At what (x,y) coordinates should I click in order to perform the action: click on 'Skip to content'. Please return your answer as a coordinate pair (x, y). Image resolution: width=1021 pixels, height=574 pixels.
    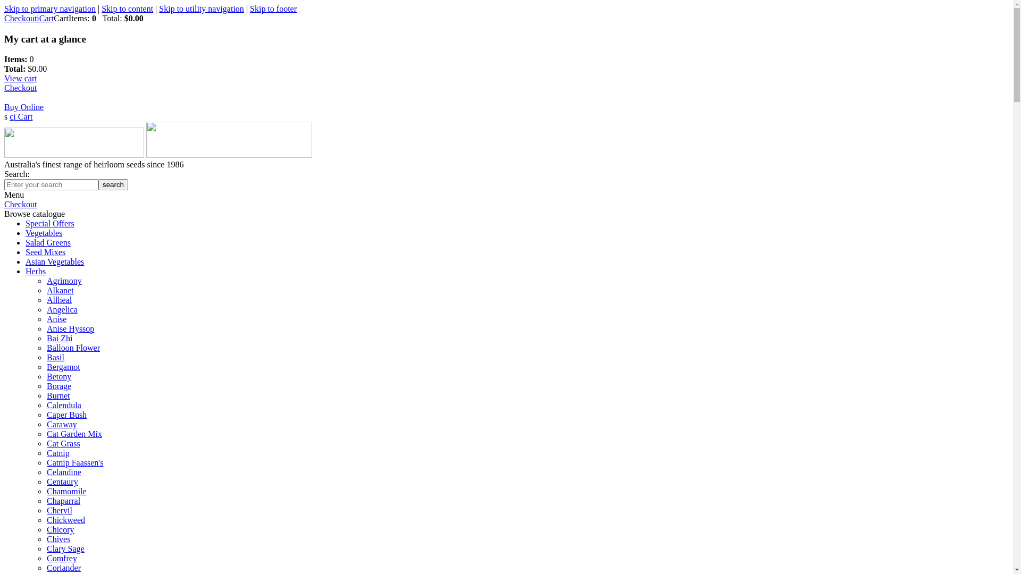
    Looking at the image, I should click on (102, 9).